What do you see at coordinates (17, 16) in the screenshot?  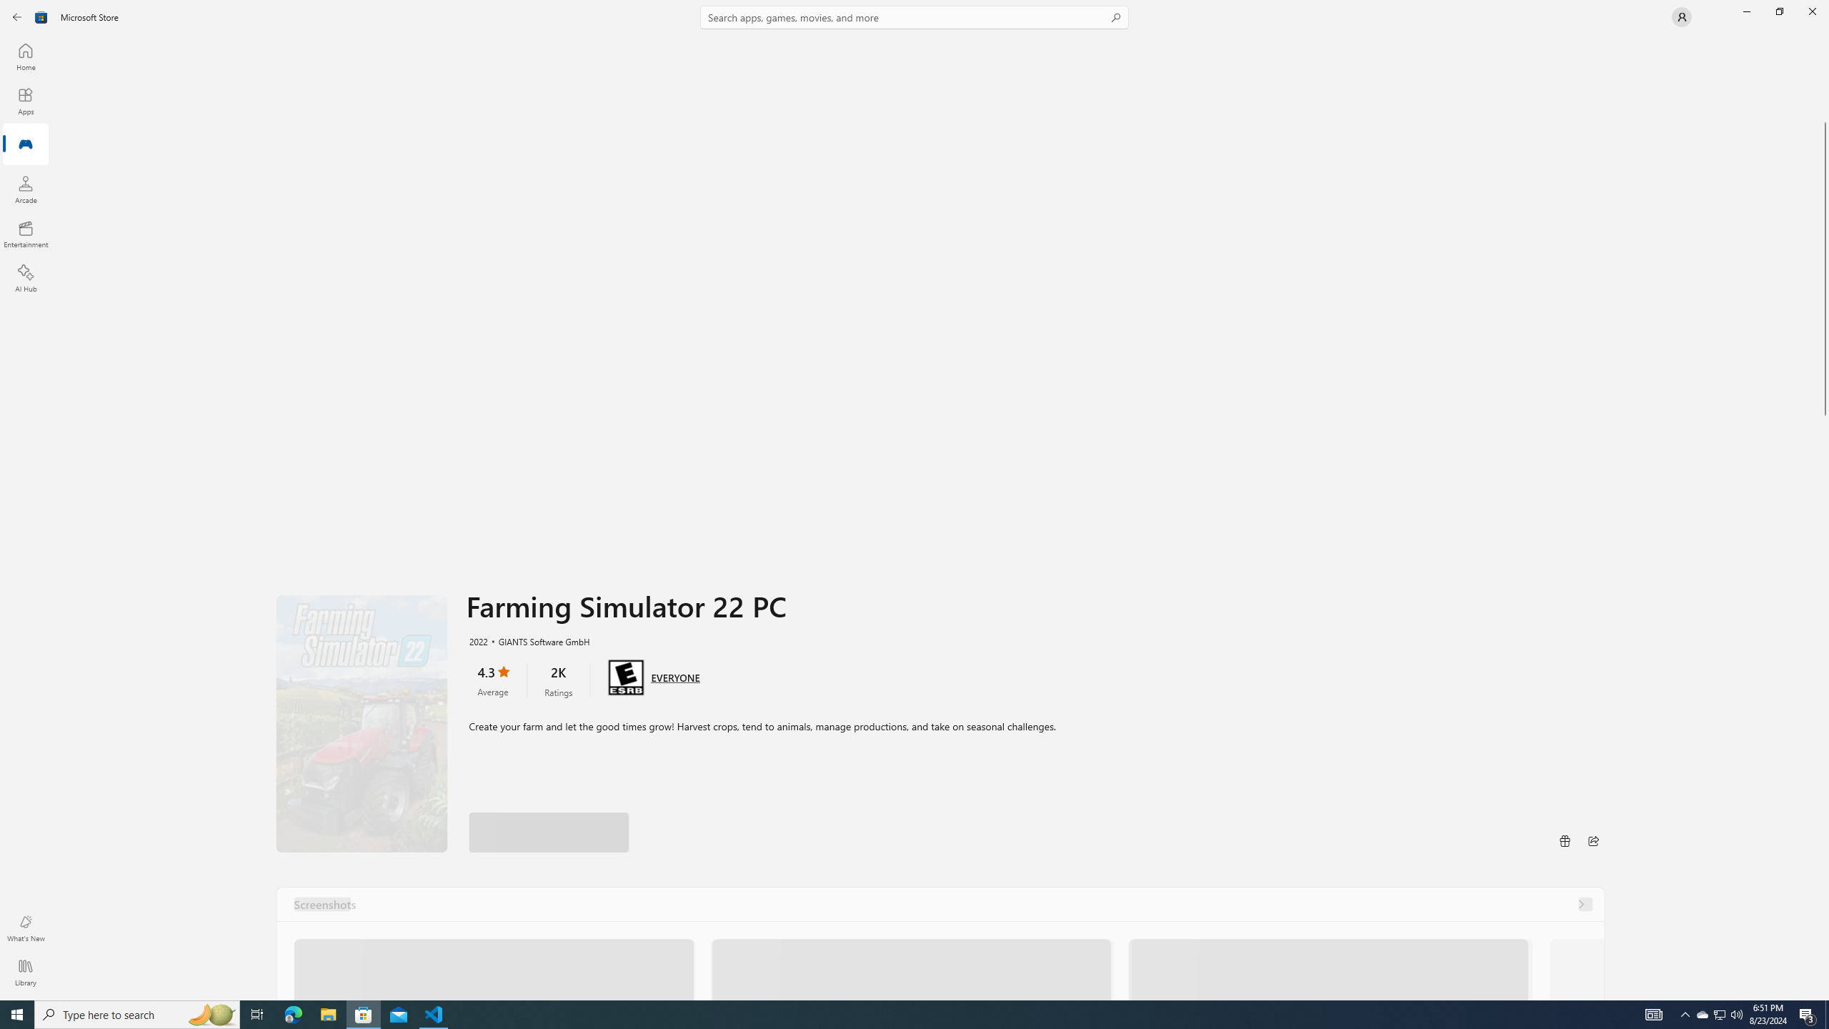 I see `'Back'` at bounding box center [17, 16].